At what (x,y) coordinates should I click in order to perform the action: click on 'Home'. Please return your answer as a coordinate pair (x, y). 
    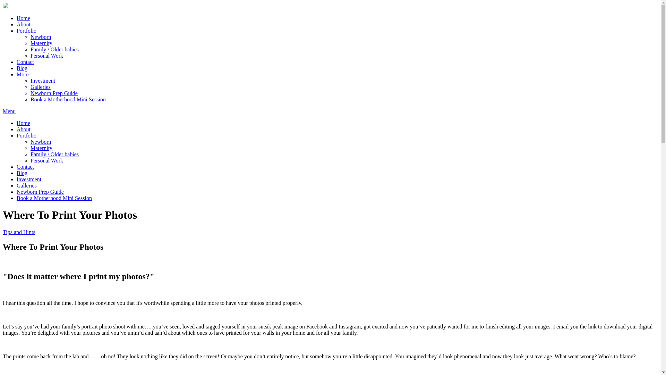
    Looking at the image, I should click on (23, 123).